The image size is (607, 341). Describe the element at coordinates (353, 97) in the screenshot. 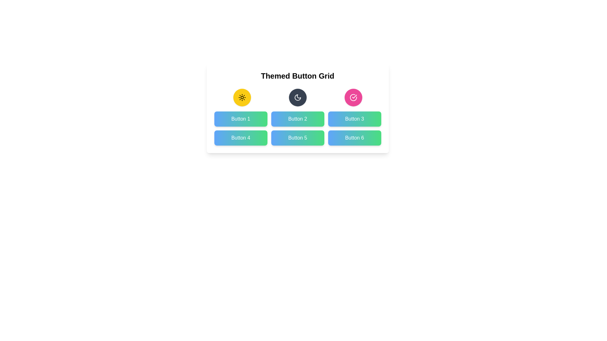

I see `the circle-shaped icon with a pink background and a white checkmark inside, which is the third icon from the left in the themed button grid labeled 'Themed Button Grid'` at that location.